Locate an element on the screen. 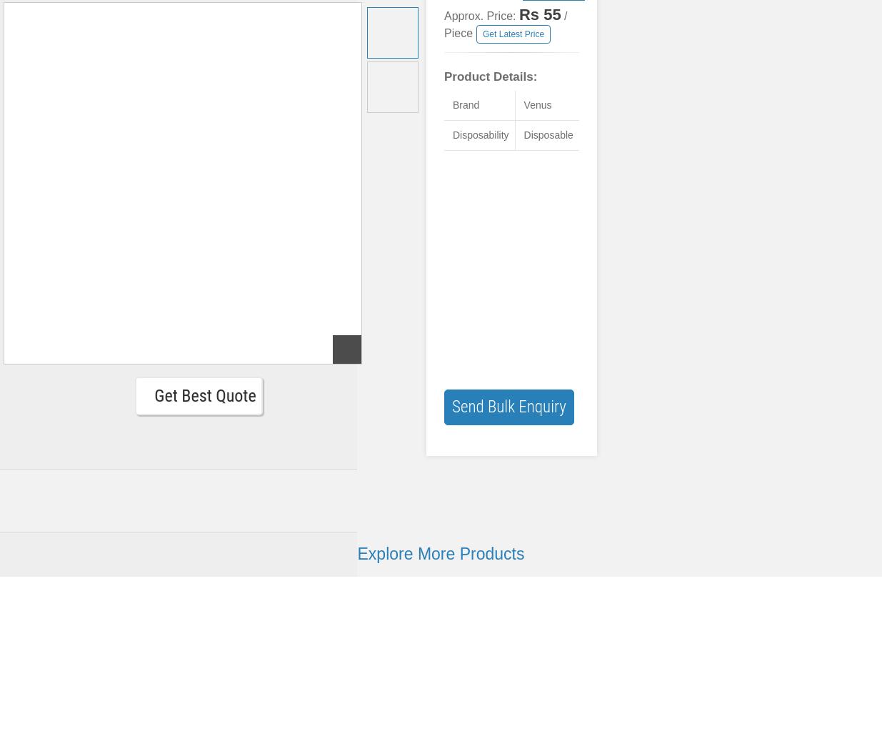  'Brand' is located at coordinates (466, 105).